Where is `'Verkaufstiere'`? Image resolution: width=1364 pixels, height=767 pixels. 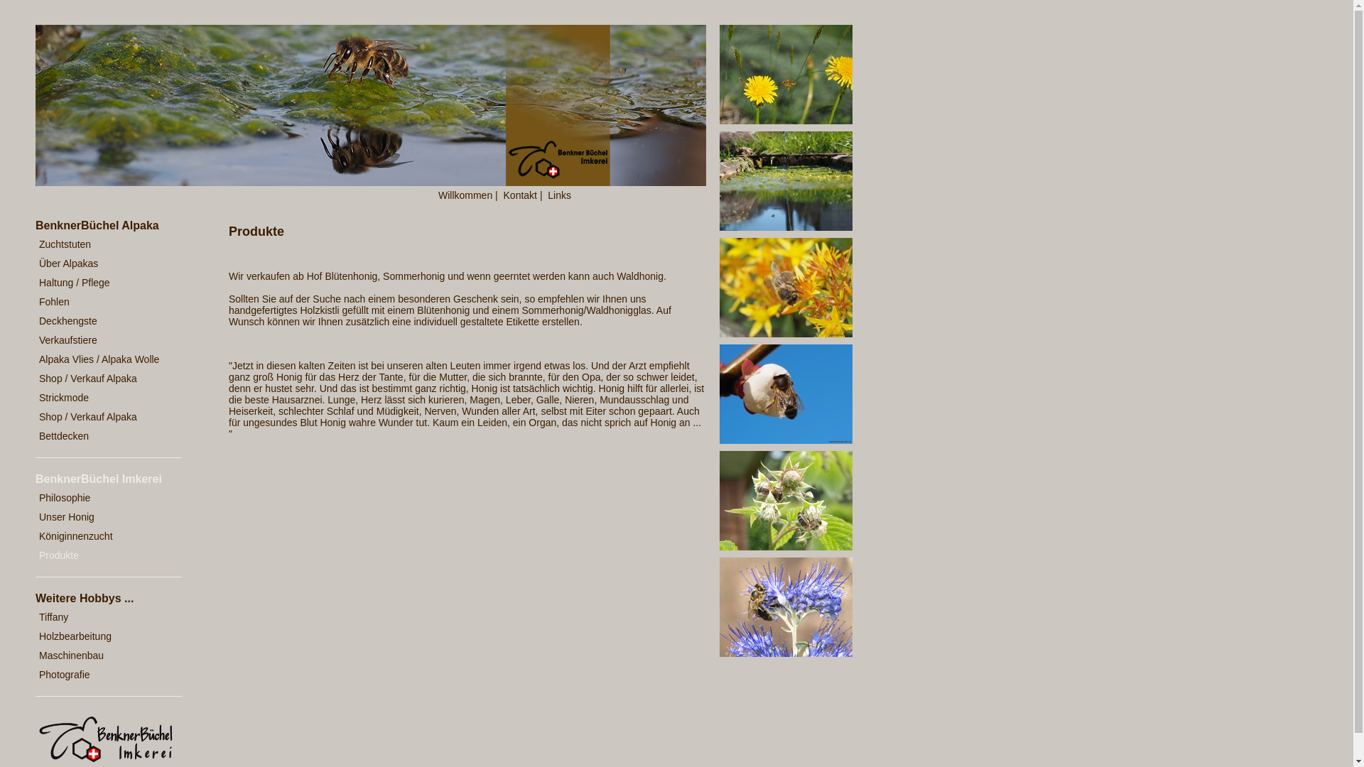
'Verkaufstiere' is located at coordinates (102, 340).